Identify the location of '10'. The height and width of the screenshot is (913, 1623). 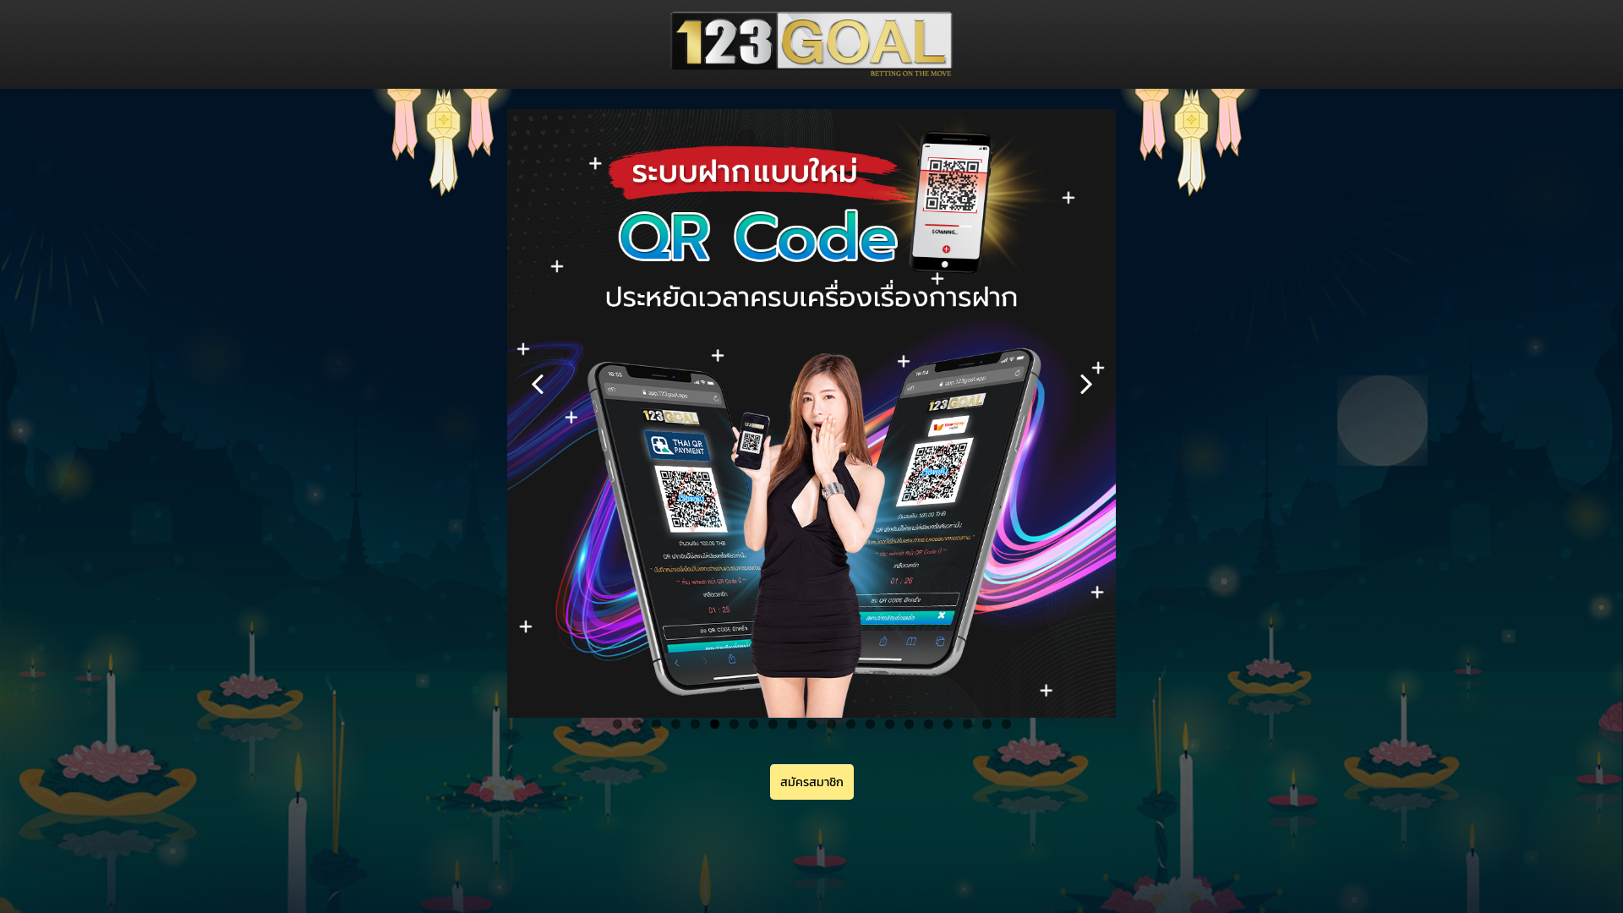
(791, 723).